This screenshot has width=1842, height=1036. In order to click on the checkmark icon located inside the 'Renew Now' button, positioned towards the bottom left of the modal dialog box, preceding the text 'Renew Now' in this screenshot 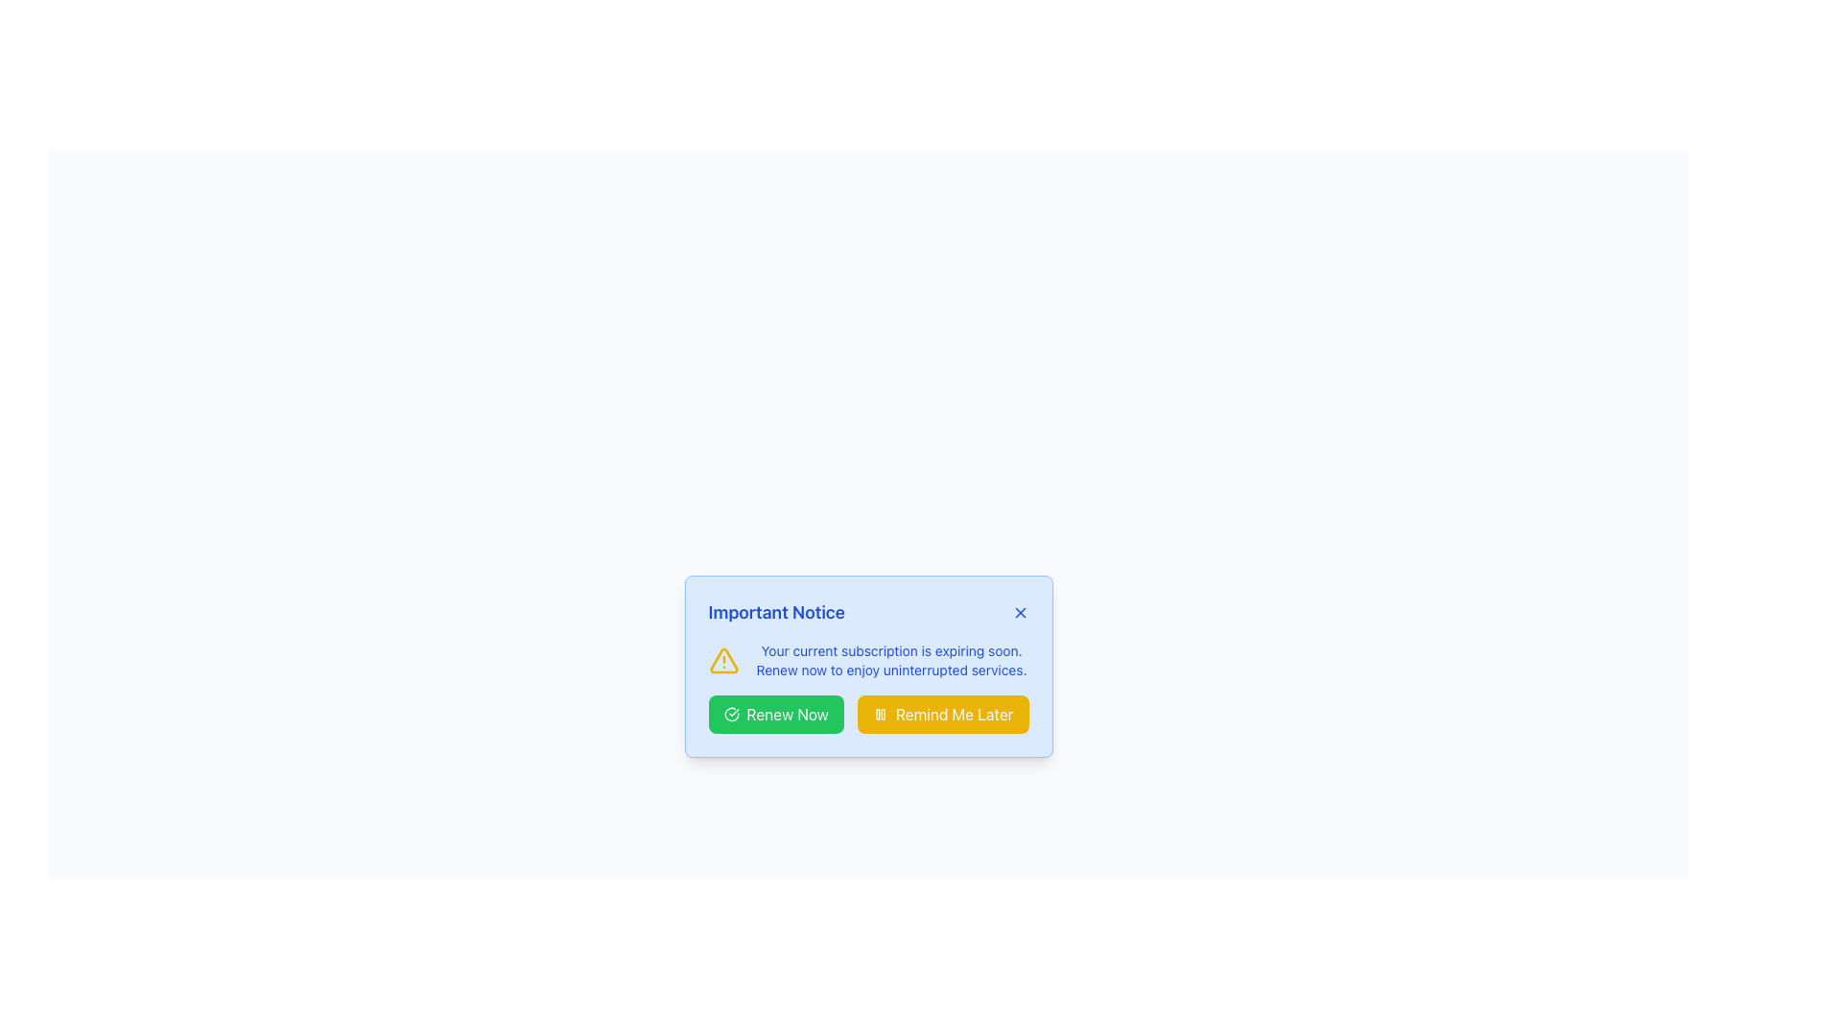, I will do `click(730, 714)`.